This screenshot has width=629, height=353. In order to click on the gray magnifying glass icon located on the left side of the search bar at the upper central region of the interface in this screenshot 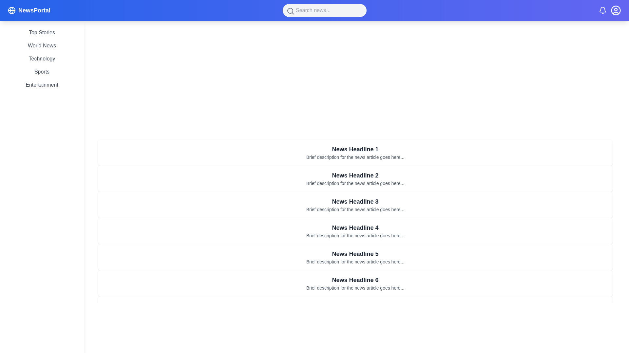, I will do `click(290, 11)`.